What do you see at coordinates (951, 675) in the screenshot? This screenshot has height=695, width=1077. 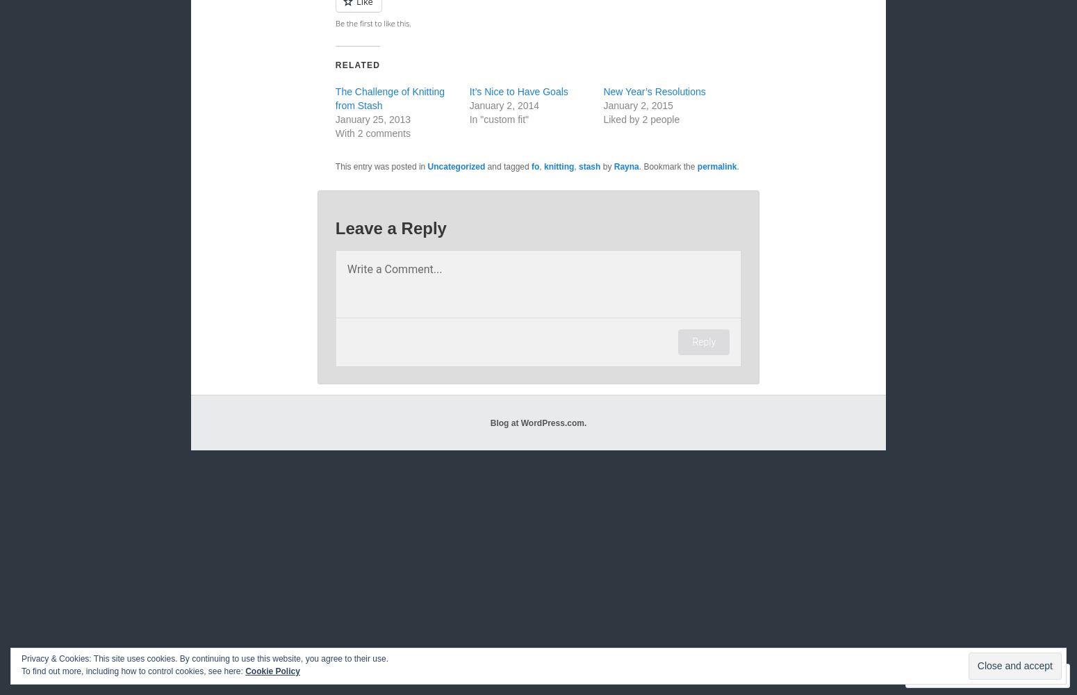 I see `'Comment'` at bounding box center [951, 675].